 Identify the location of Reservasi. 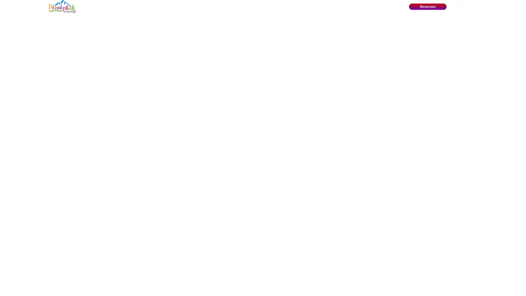
(427, 7).